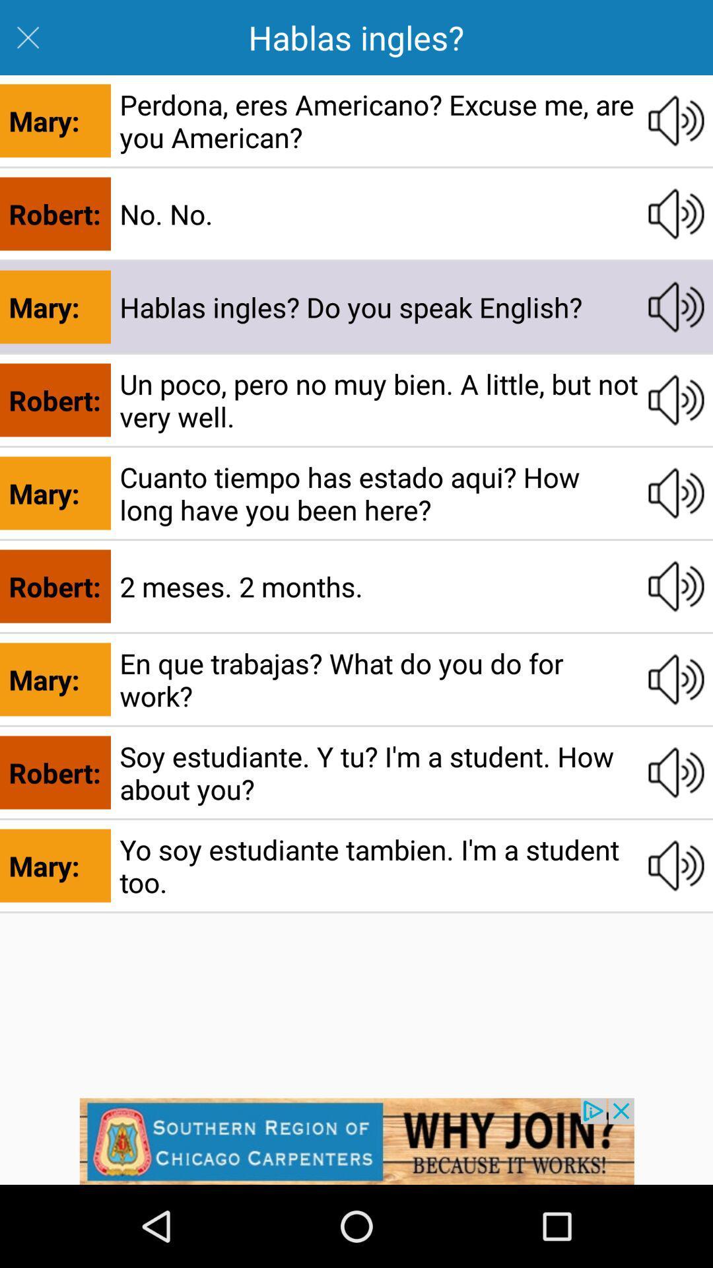 The width and height of the screenshot is (713, 1268). I want to click on the audio, so click(676, 306).